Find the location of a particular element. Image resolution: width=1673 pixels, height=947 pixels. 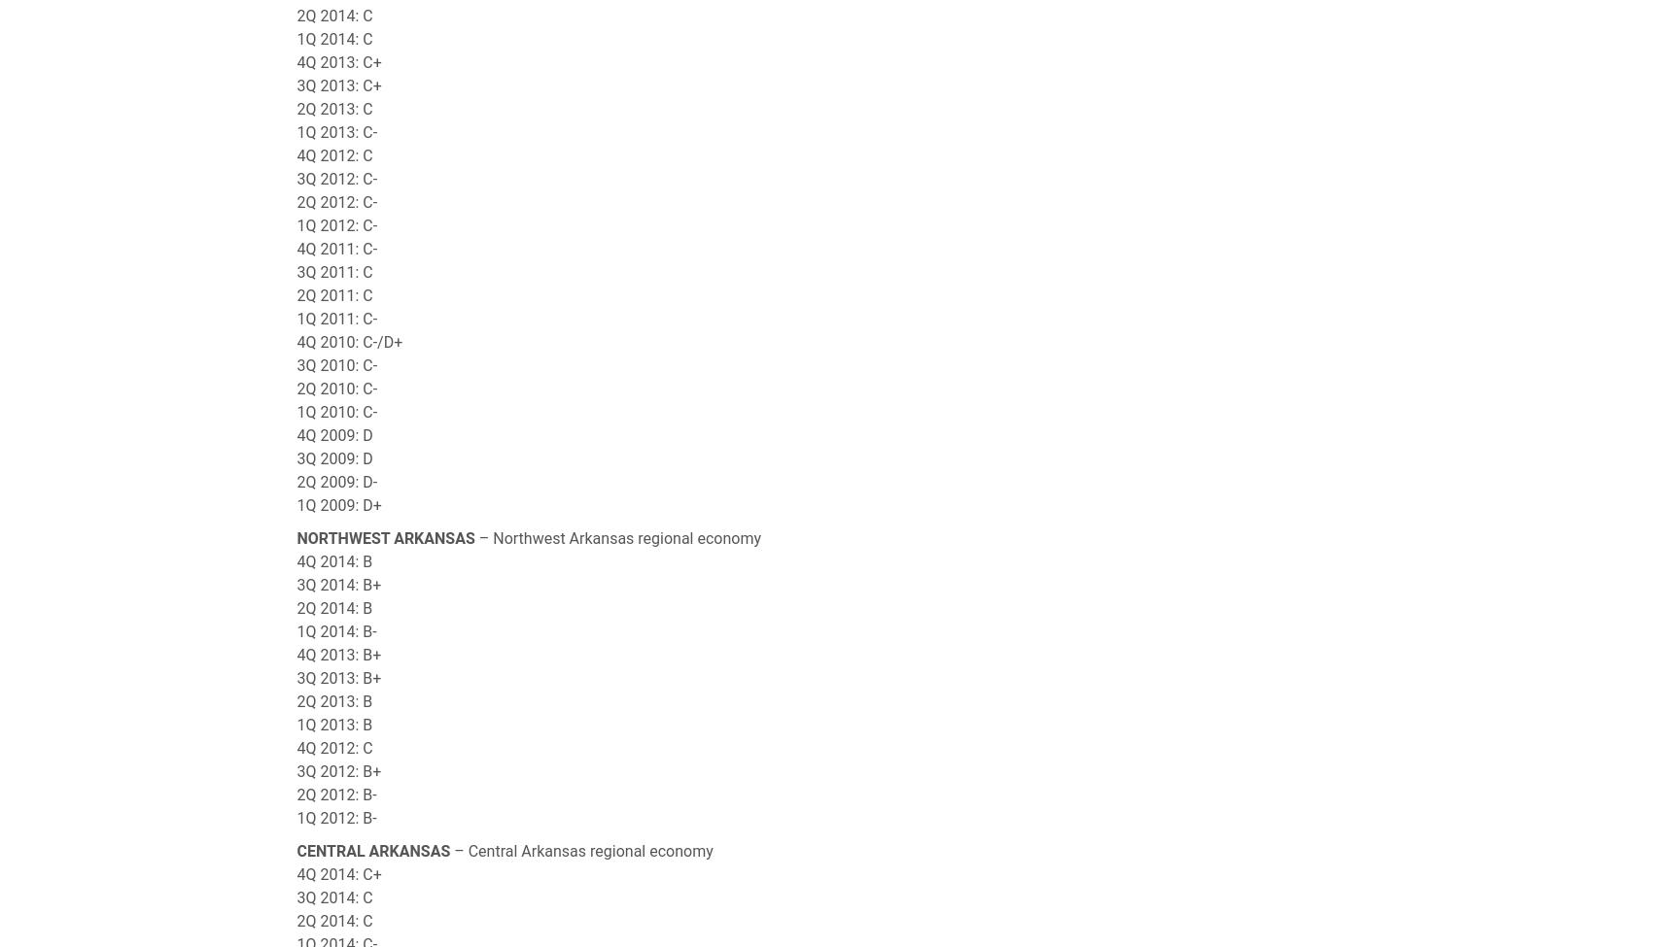

'3Q 2013: C+' is located at coordinates (338, 85).